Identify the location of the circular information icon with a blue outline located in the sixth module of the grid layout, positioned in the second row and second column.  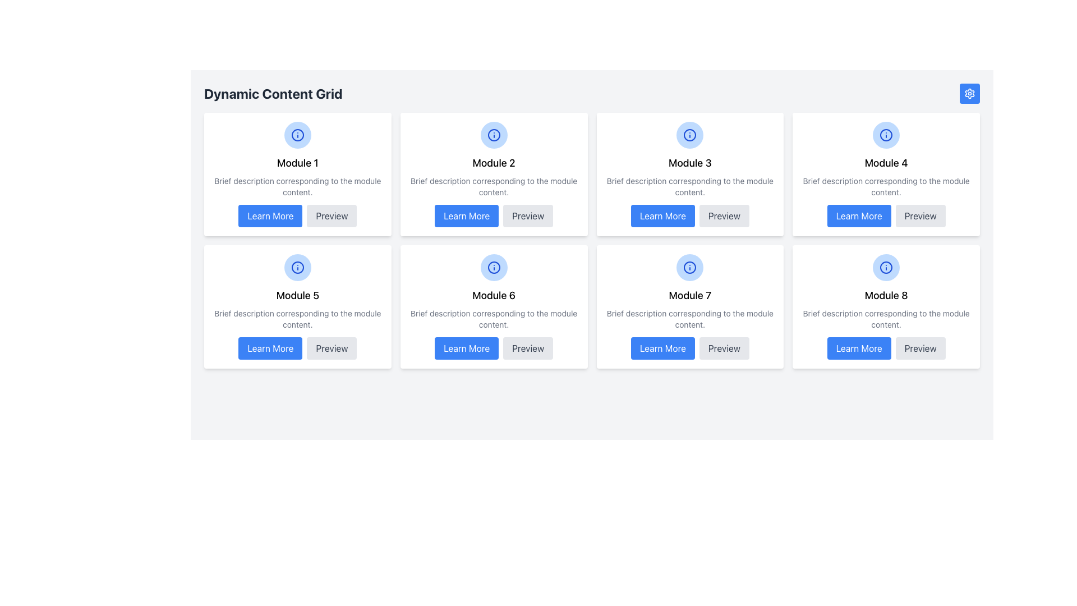
(494, 268).